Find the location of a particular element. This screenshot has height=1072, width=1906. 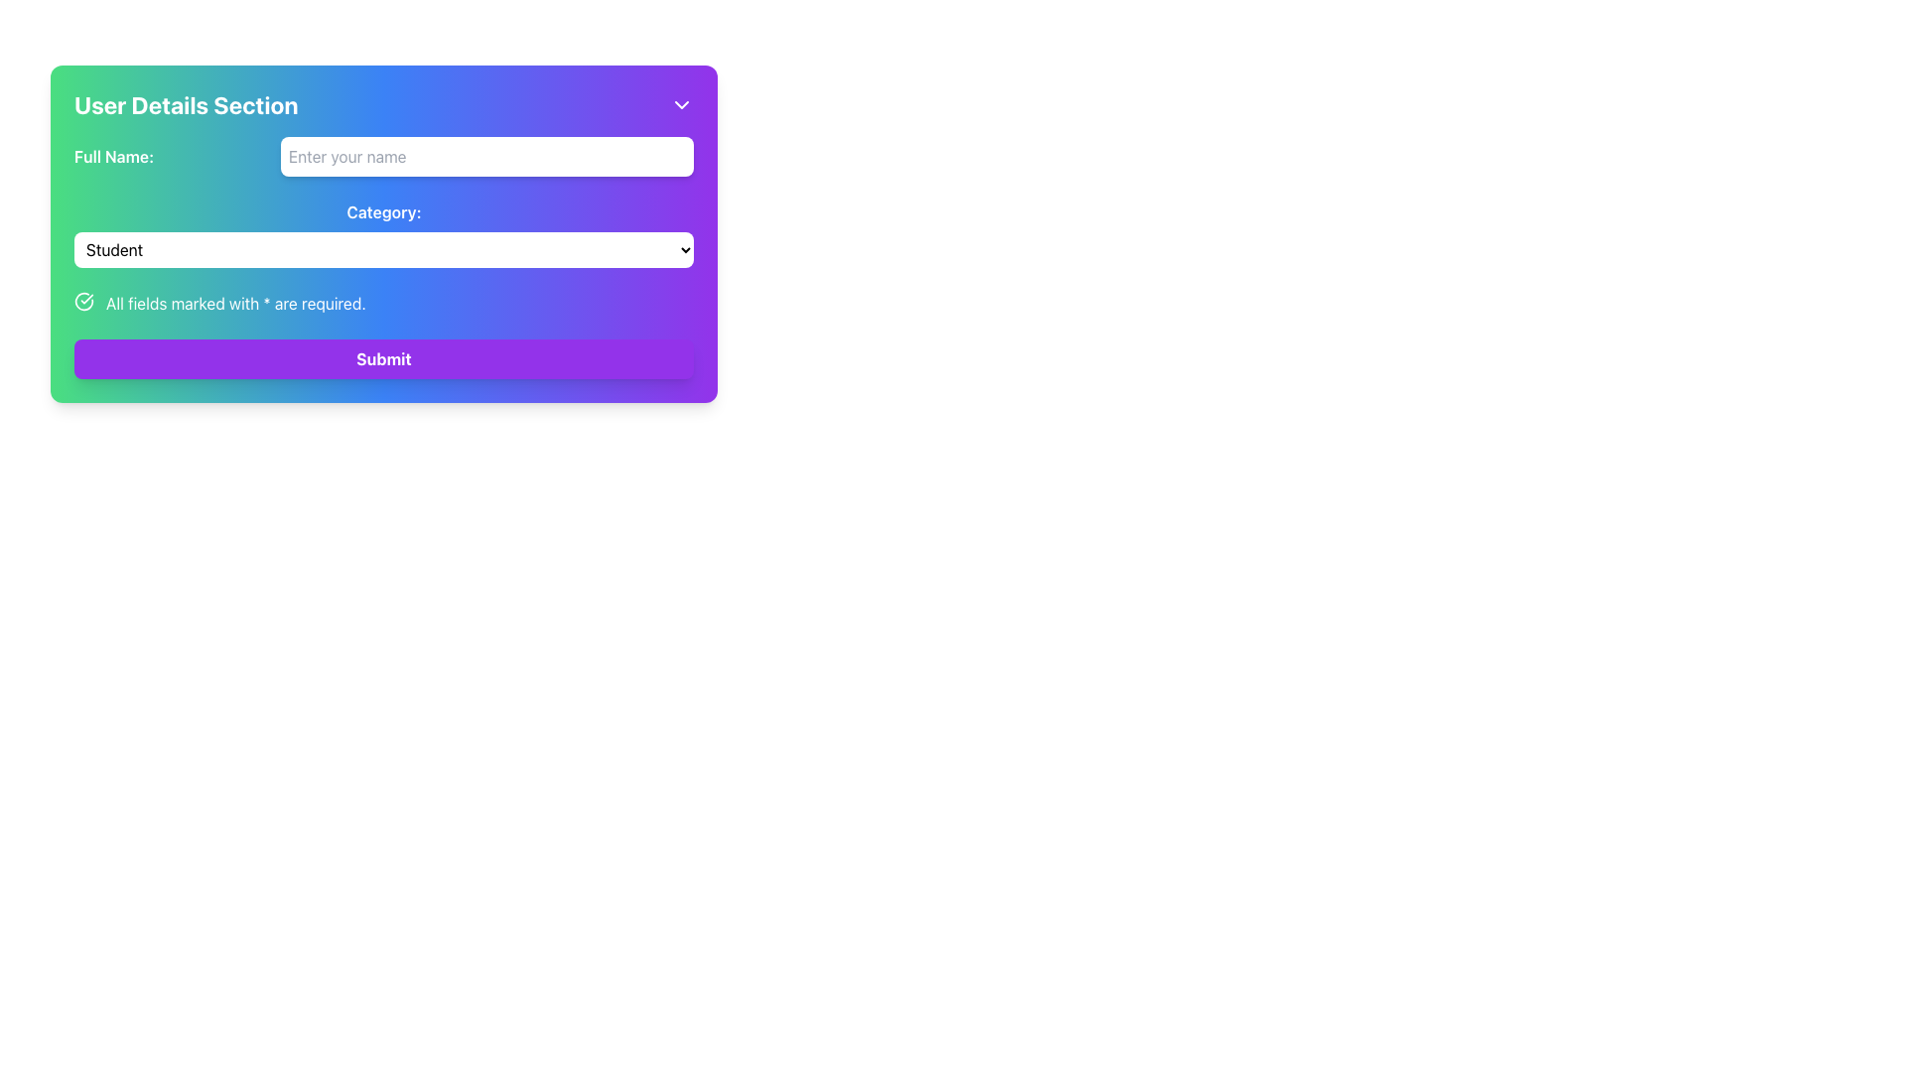

the 'Submit' button with a purple background and bold white text located below the 'User Details Section' form is located at coordinates (384, 359).